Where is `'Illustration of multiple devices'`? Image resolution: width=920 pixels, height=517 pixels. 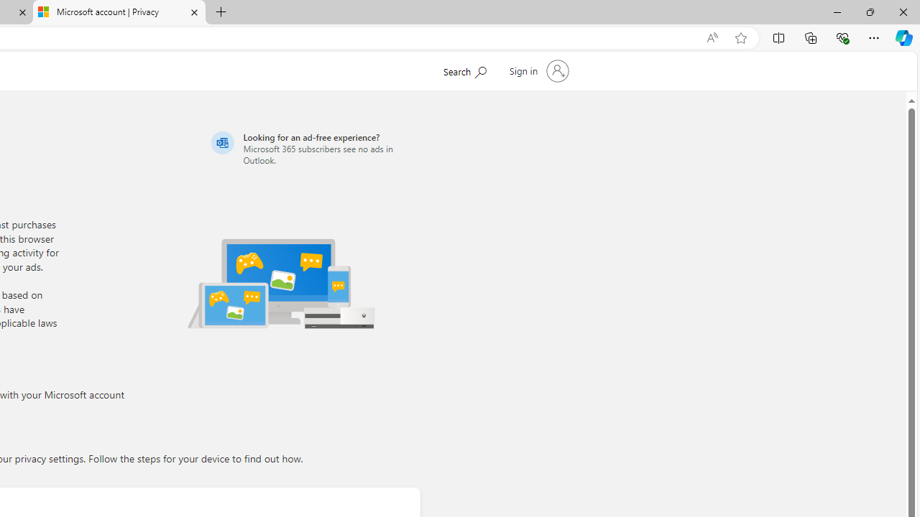 'Illustration of multiple devices' is located at coordinates (281, 283).